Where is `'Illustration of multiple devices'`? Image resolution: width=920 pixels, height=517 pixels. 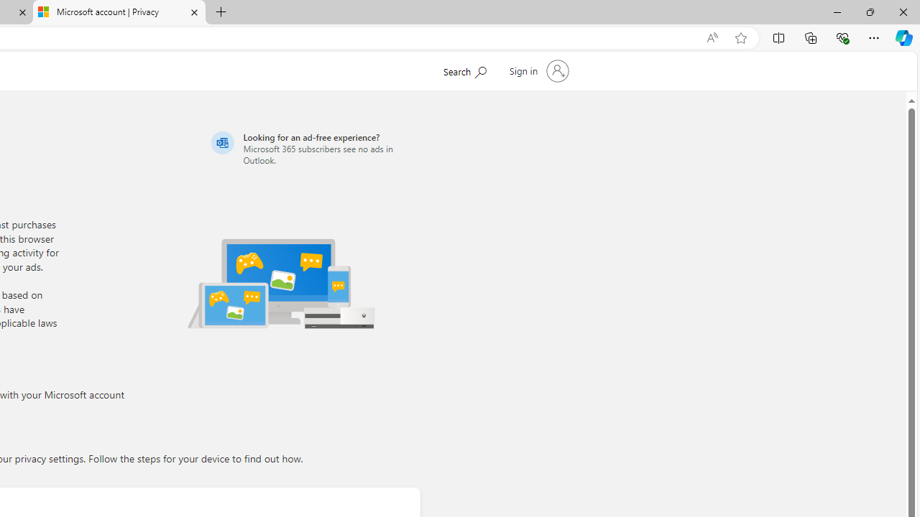 'Illustration of multiple devices' is located at coordinates (281, 283).